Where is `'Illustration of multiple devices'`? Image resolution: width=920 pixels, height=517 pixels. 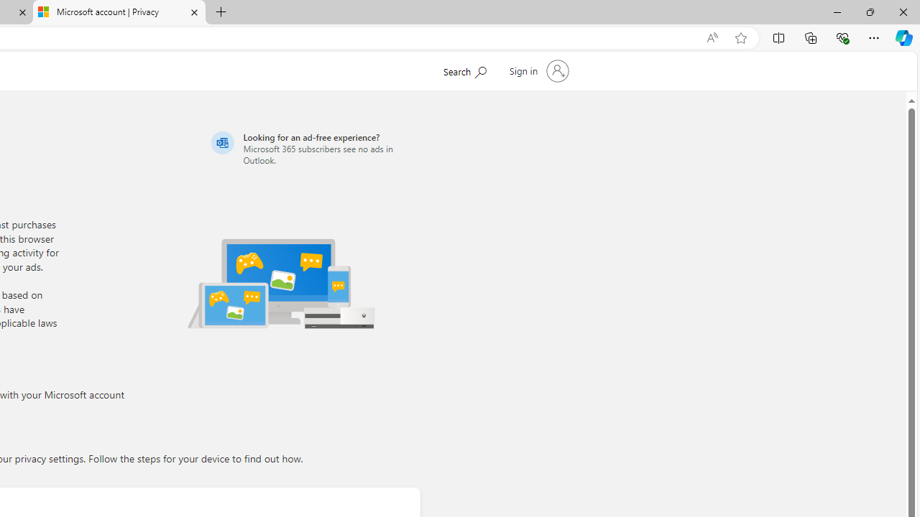 'Illustration of multiple devices' is located at coordinates (281, 283).